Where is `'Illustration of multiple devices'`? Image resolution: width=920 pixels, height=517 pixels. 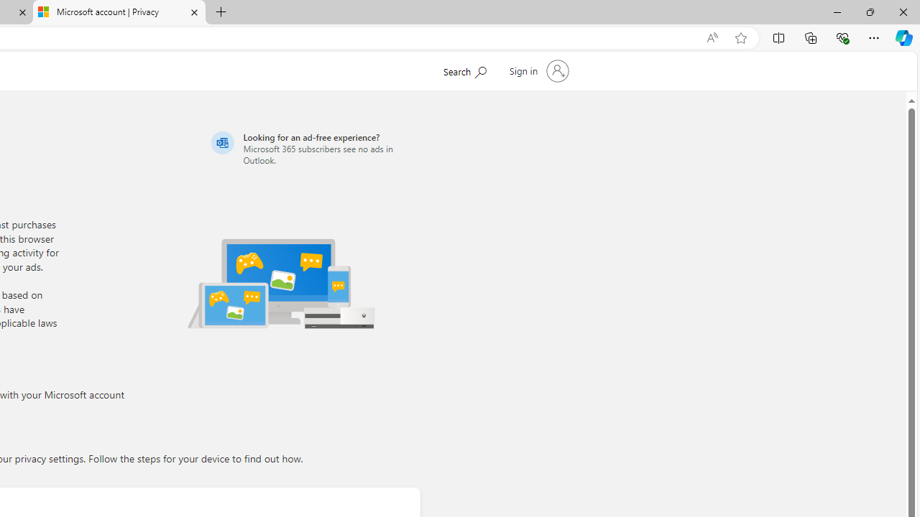 'Illustration of multiple devices' is located at coordinates (281, 283).